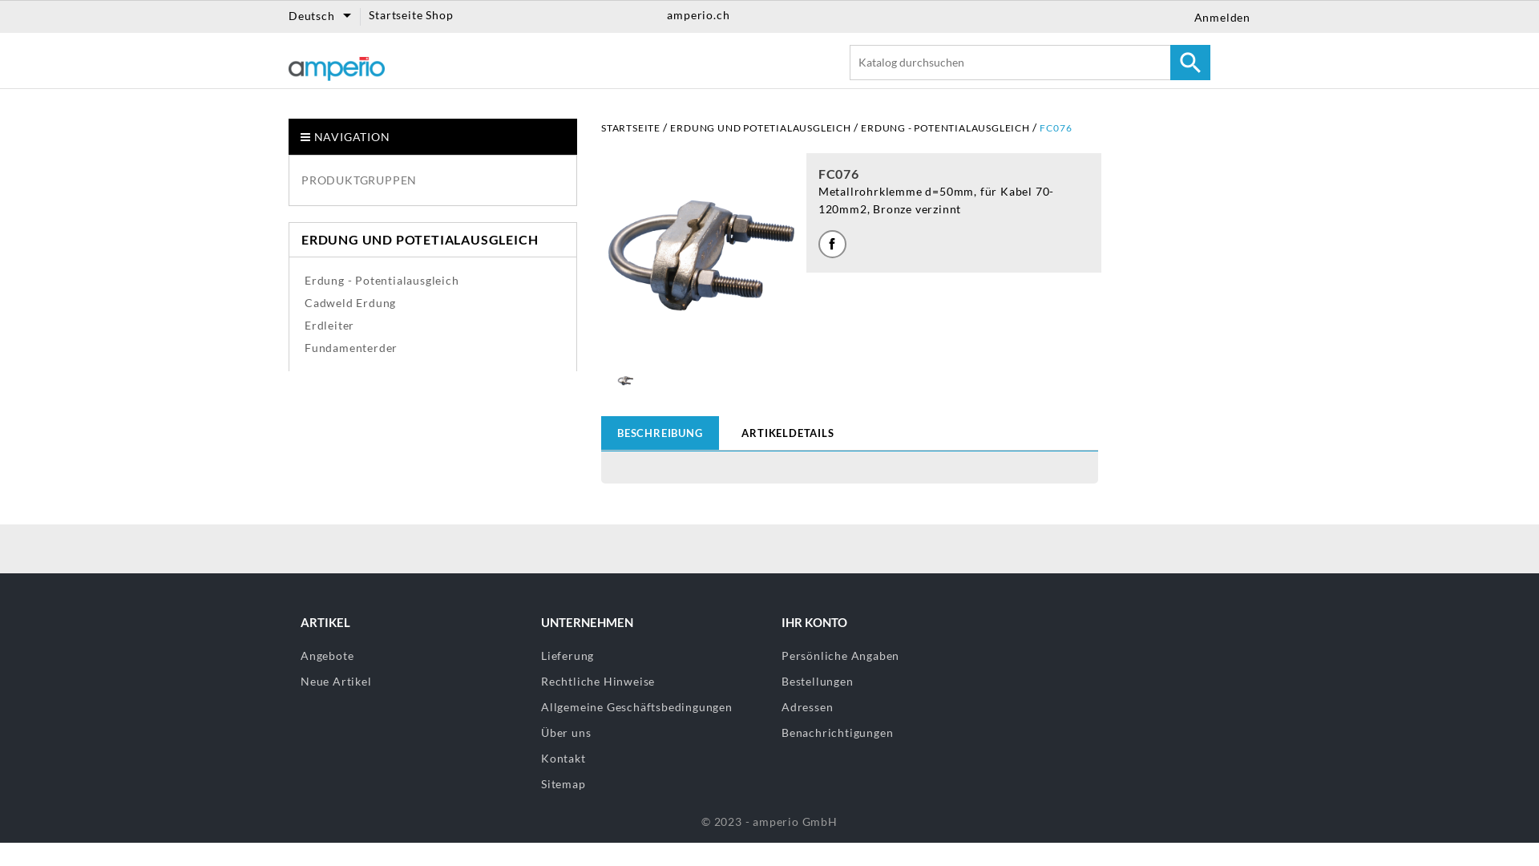 The width and height of the screenshot is (1539, 866). I want to click on 'IHR KONTO', so click(781, 621).